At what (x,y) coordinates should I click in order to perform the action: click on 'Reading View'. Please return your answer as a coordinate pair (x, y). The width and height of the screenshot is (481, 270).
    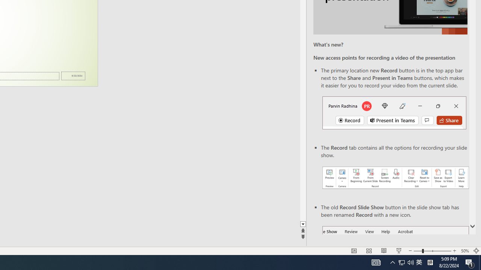
    Looking at the image, I should click on (384, 251).